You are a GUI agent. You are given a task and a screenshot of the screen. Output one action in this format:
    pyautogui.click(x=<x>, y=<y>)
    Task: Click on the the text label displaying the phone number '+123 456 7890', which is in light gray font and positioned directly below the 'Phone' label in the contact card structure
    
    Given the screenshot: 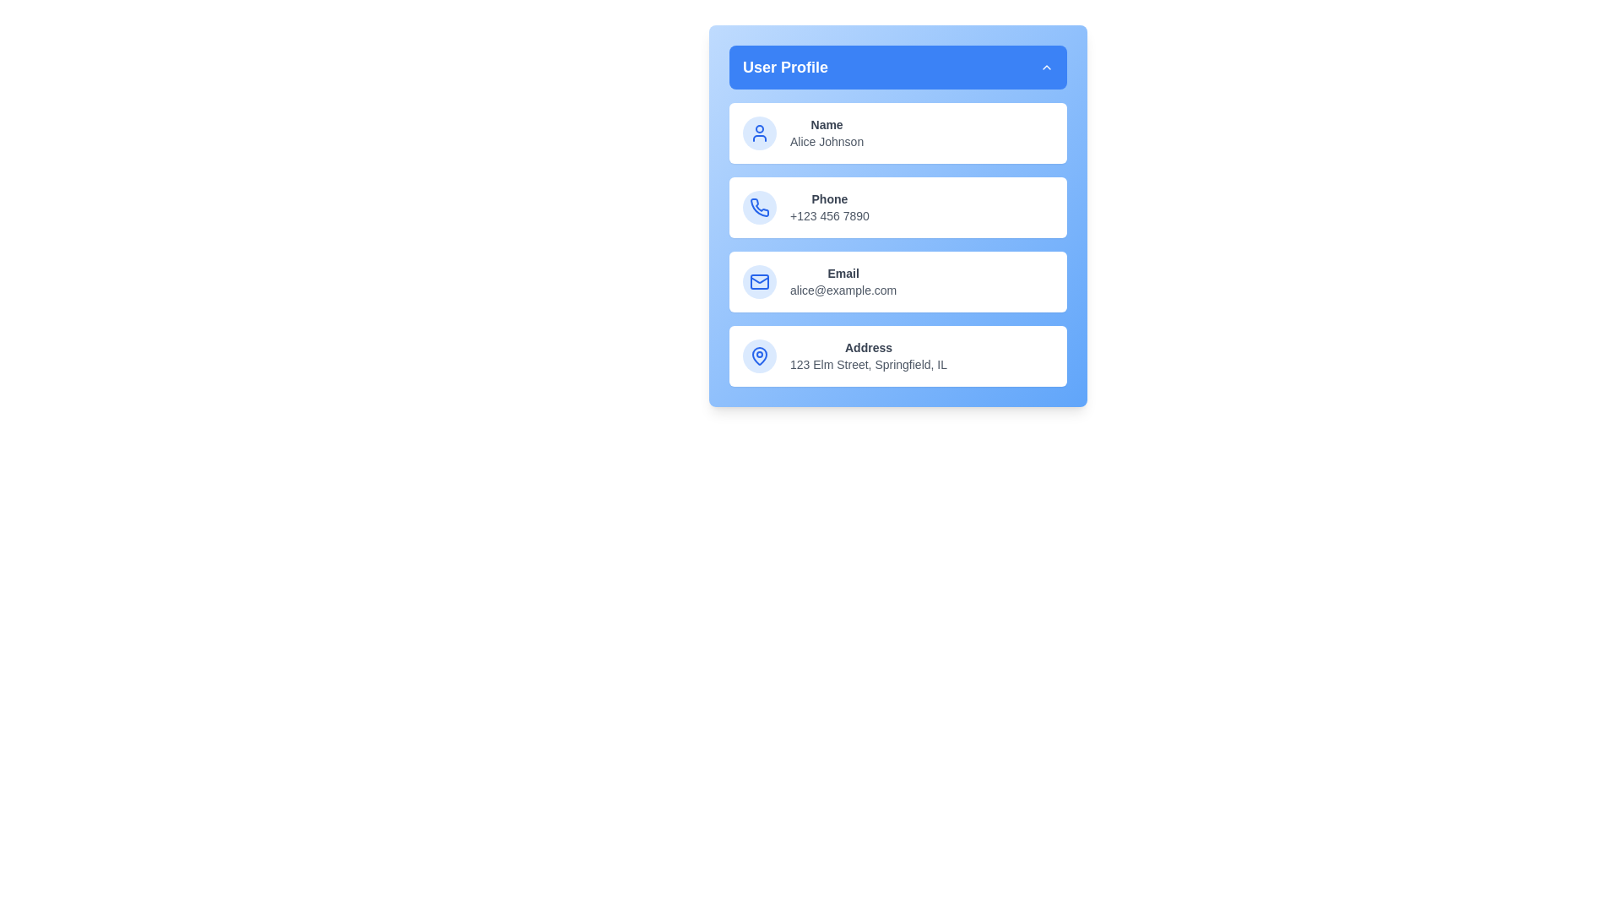 What is the action you would take?
    pyautogui.click(x=829, y=214)
    